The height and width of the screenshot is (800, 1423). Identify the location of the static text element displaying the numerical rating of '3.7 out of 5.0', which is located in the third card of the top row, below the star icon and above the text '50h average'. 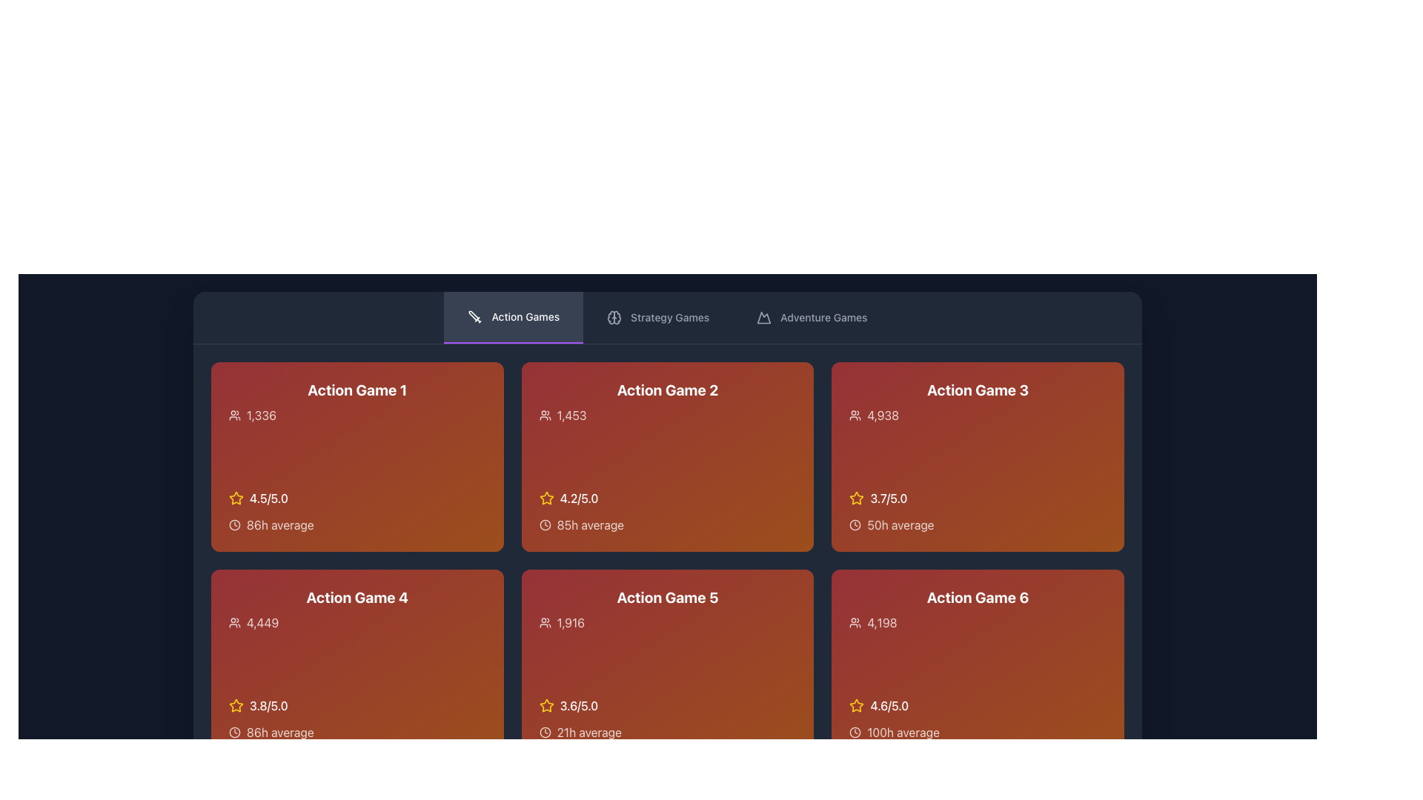
(889, 498).